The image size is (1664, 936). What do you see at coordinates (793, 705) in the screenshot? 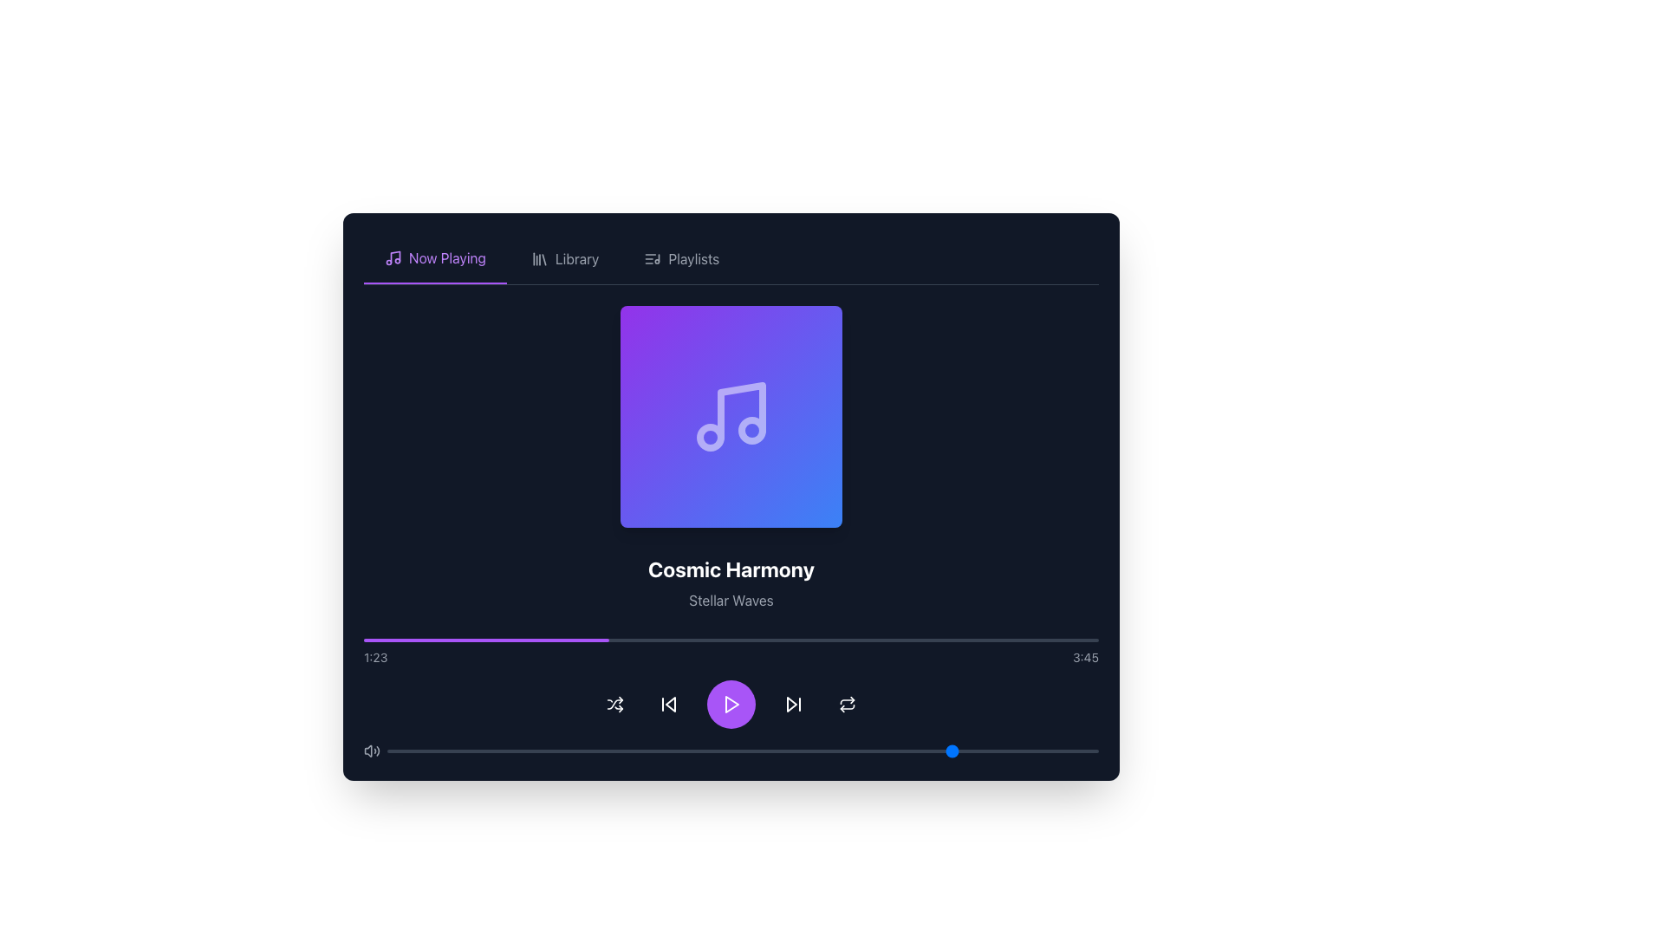
I see `the forward skip button, which is an icon styled button with a triangle shape pointing right, located` at bounding box center [793, 705].